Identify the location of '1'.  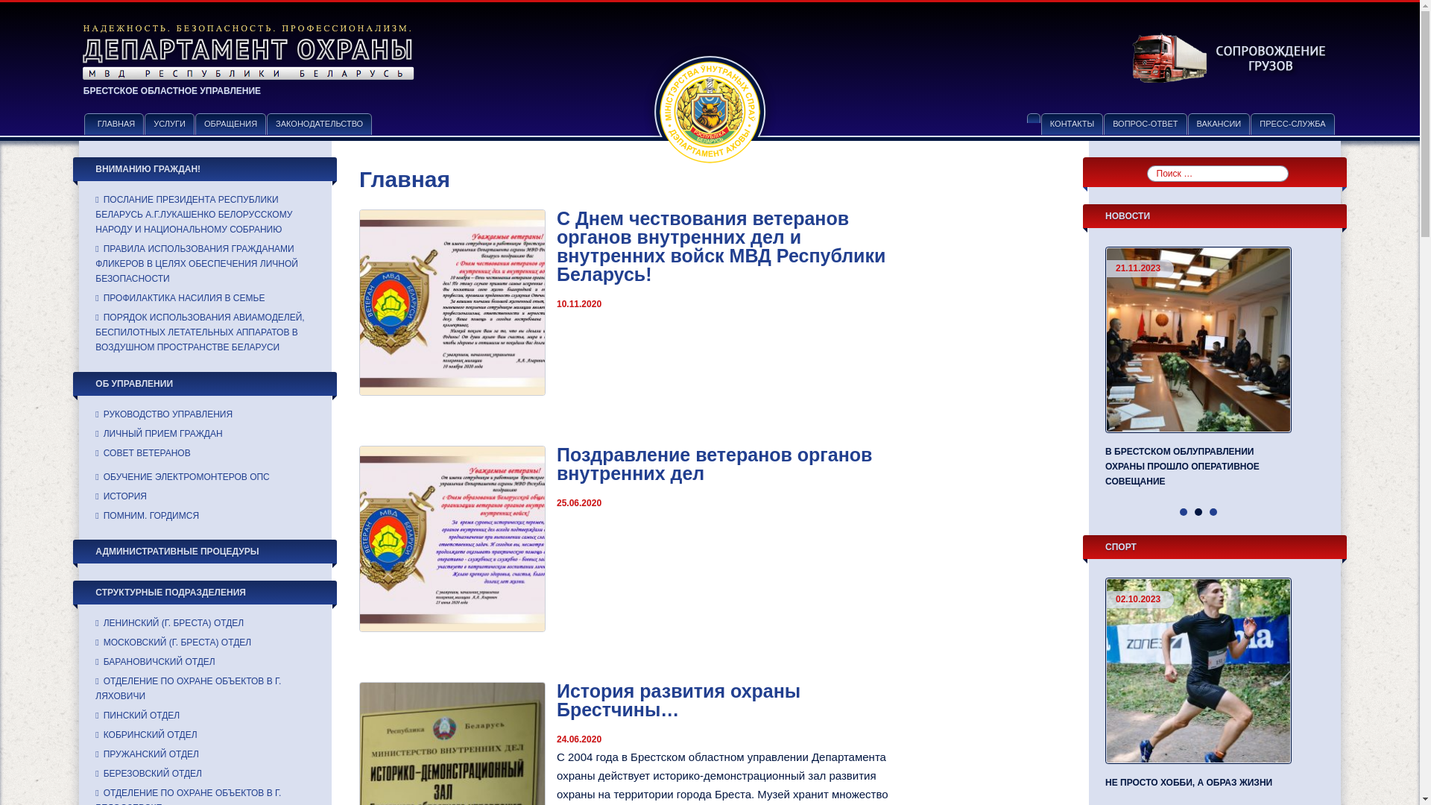
(1183, 511).